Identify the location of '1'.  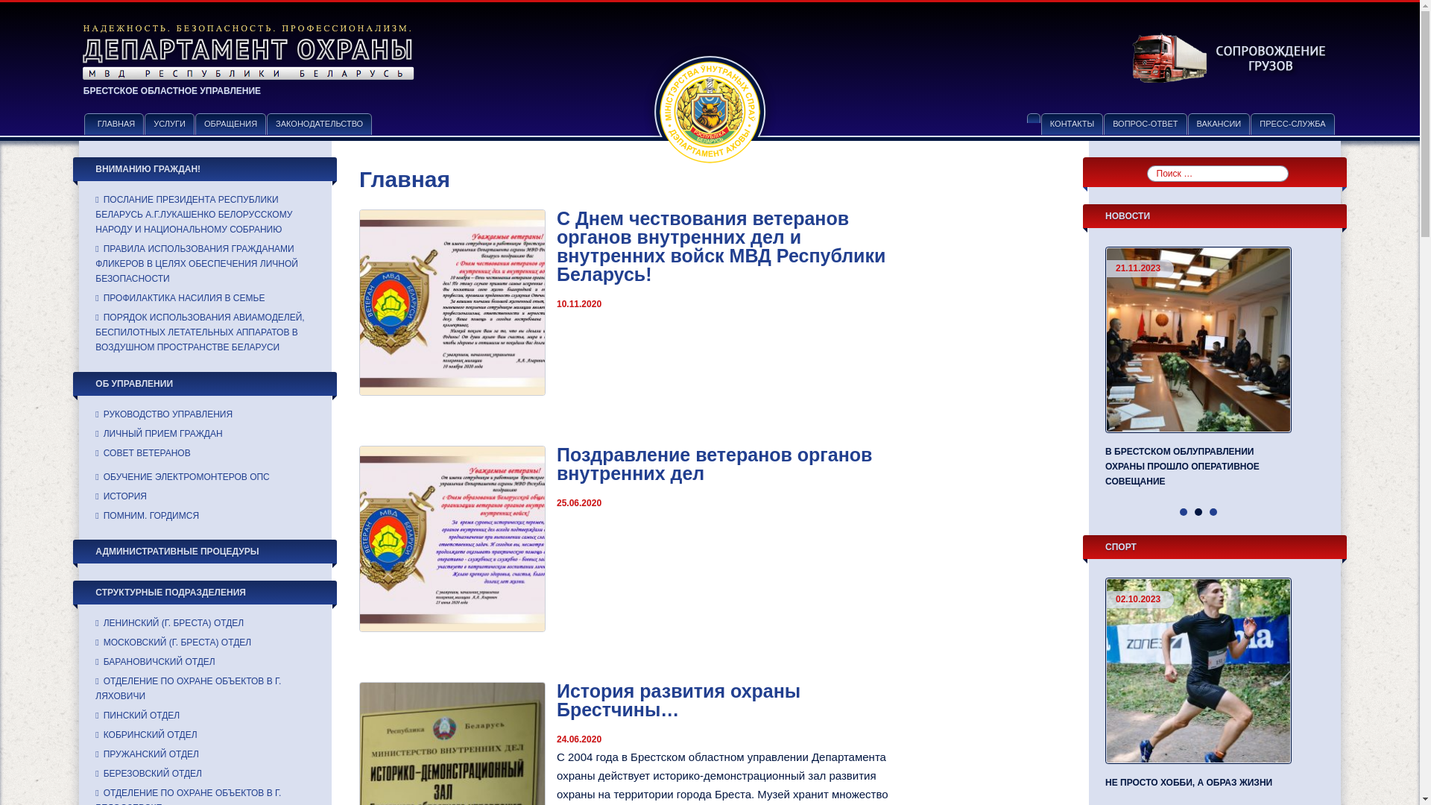
(1183, 511).